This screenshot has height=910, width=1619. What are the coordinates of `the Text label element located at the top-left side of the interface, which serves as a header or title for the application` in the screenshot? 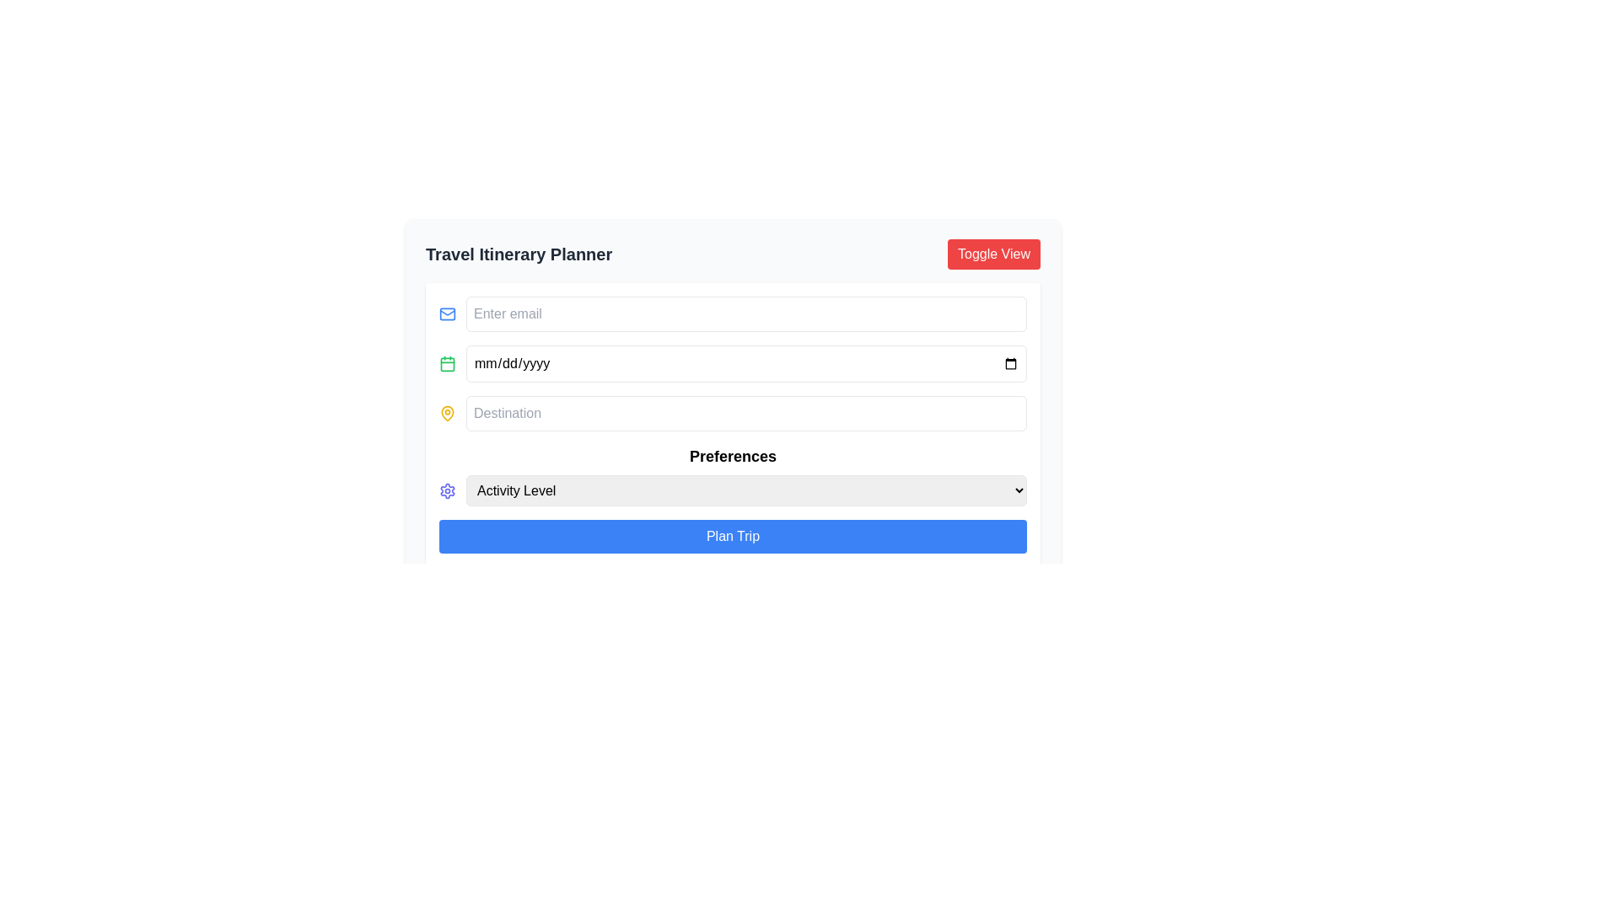 It's located at (518, 254).